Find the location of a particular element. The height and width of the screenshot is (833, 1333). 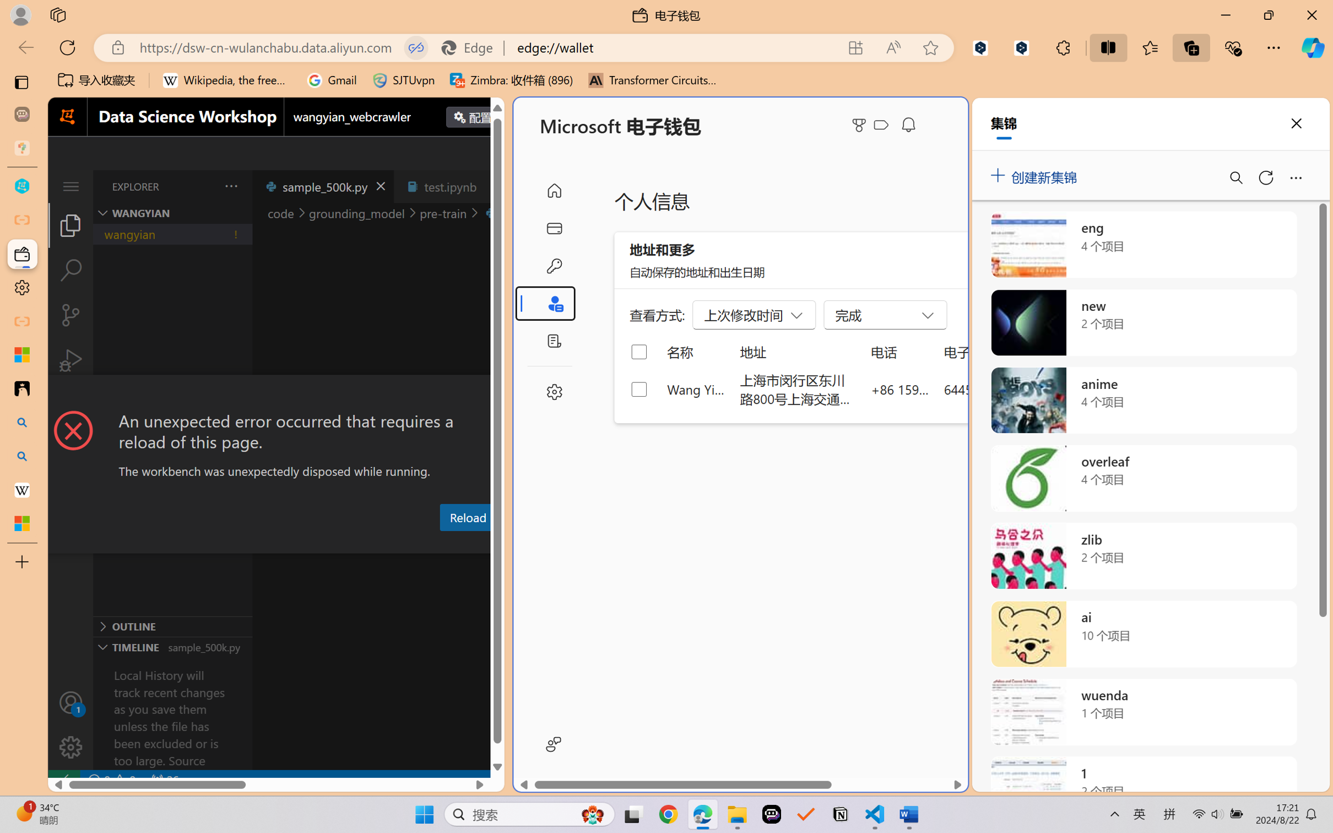

'Reload' is located at coordinates (467, 516).